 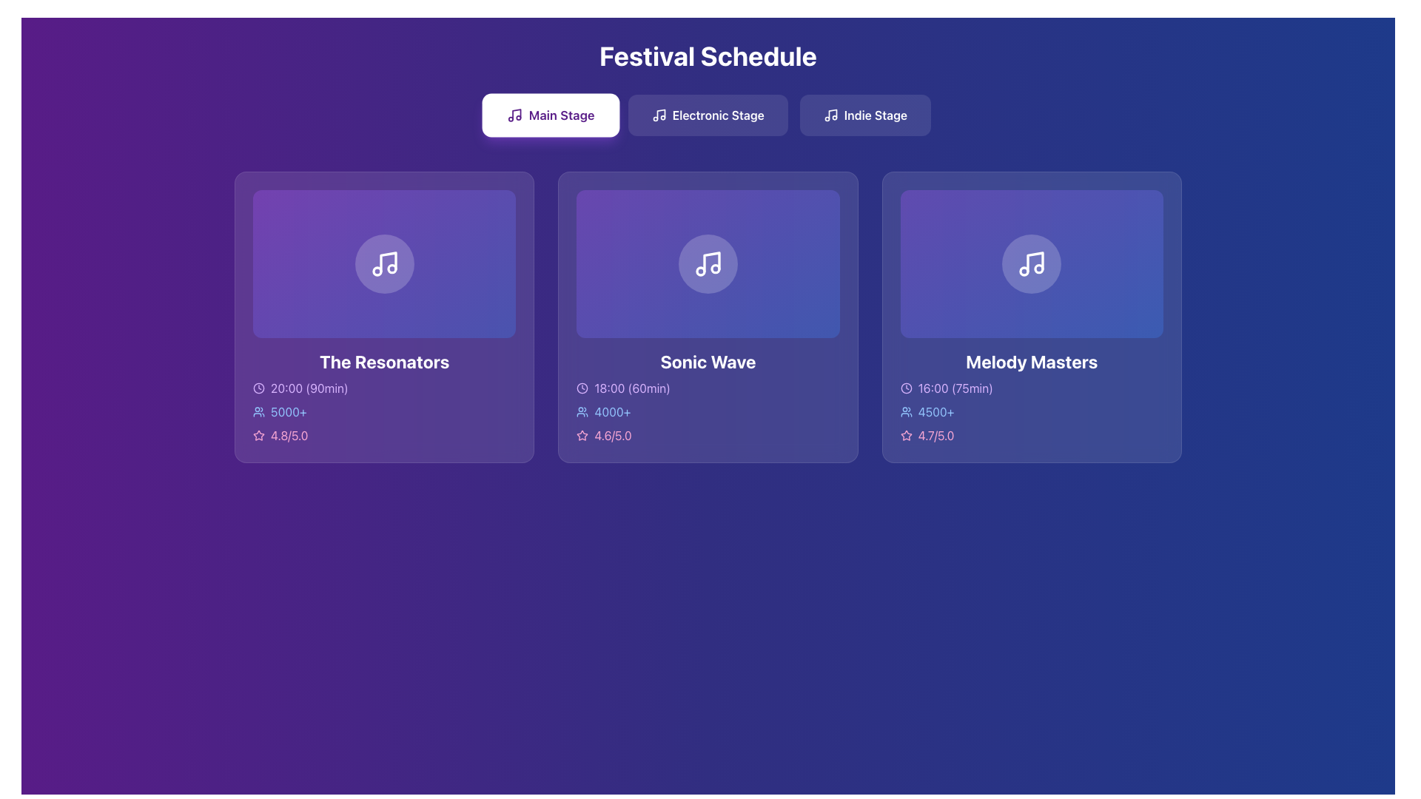 What do you see at coordinates (560, 114) in the screenshot?
I see `the label indicating the current selection among stage categories in the festival schedule interface, located near the top center alongside buttons labeled 'Electronic Stage' and 'Indie Stage'` at bounding box center [560, 114].